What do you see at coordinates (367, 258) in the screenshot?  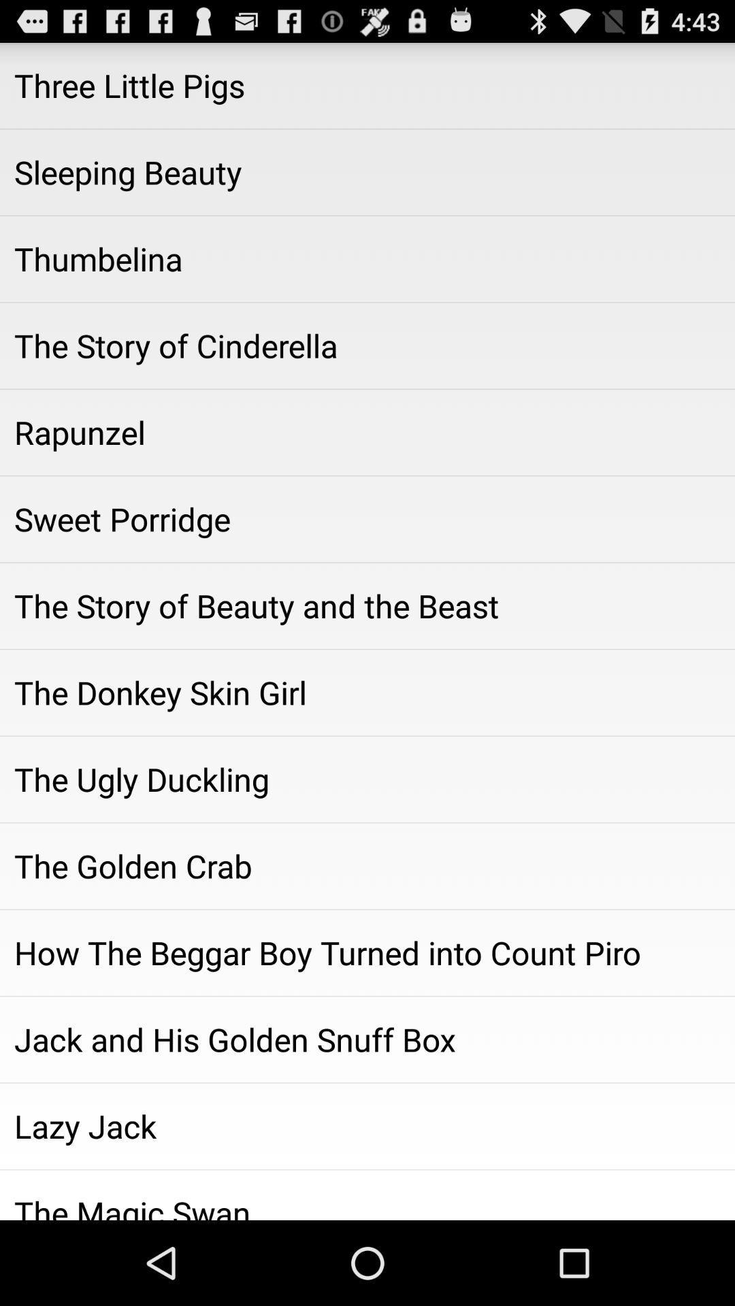 I see `thumbelina app` at bounding box center [367, 258].